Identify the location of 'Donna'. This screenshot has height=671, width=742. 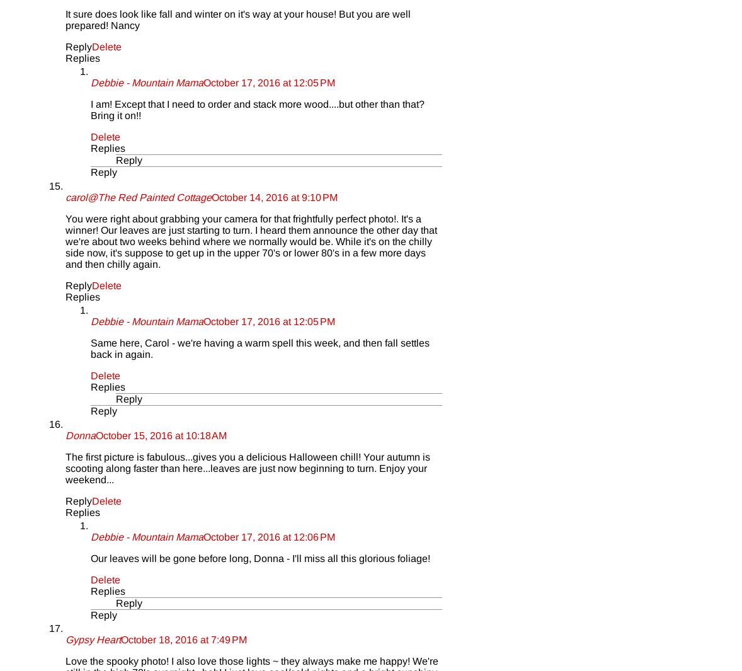
(80, 435).